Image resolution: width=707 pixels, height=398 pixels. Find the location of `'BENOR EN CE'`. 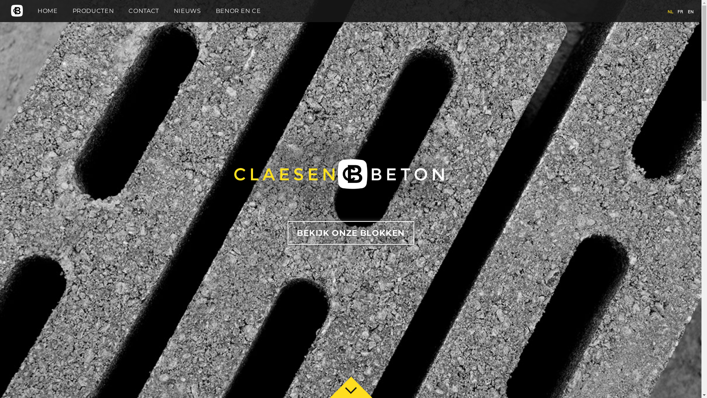

'BENOR EN CE' is located at coordinates (238, 11).